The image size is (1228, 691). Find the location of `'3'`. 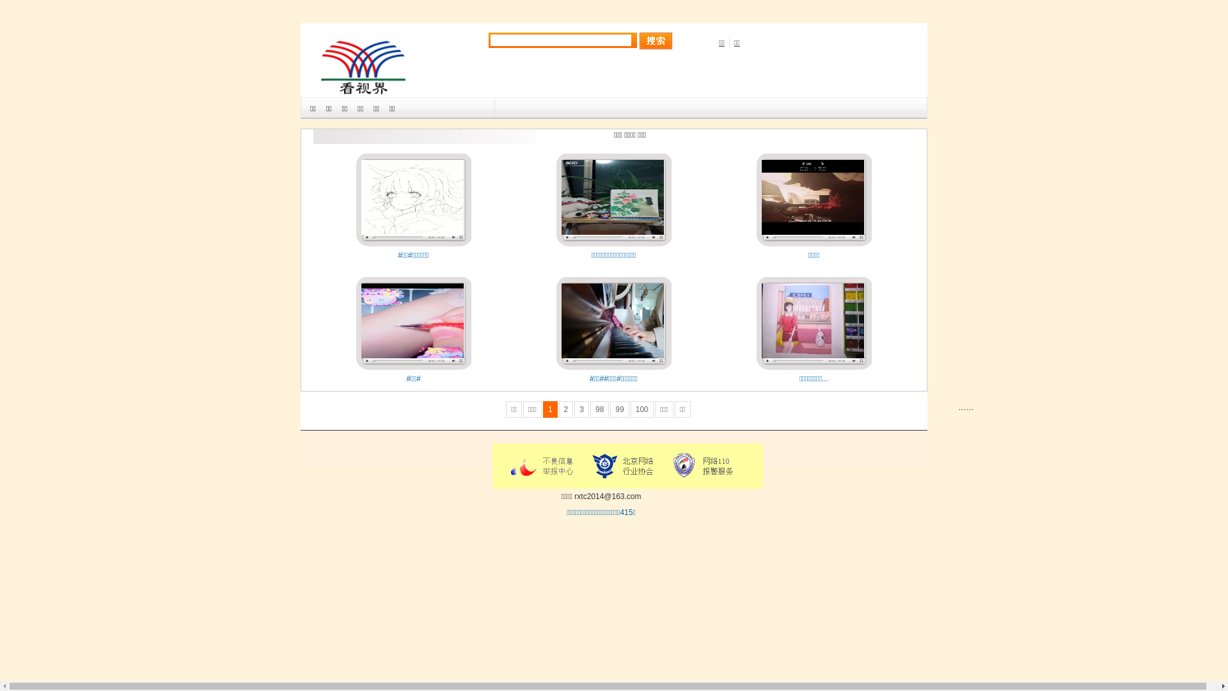

'3' is located at coordinates (581, 409).